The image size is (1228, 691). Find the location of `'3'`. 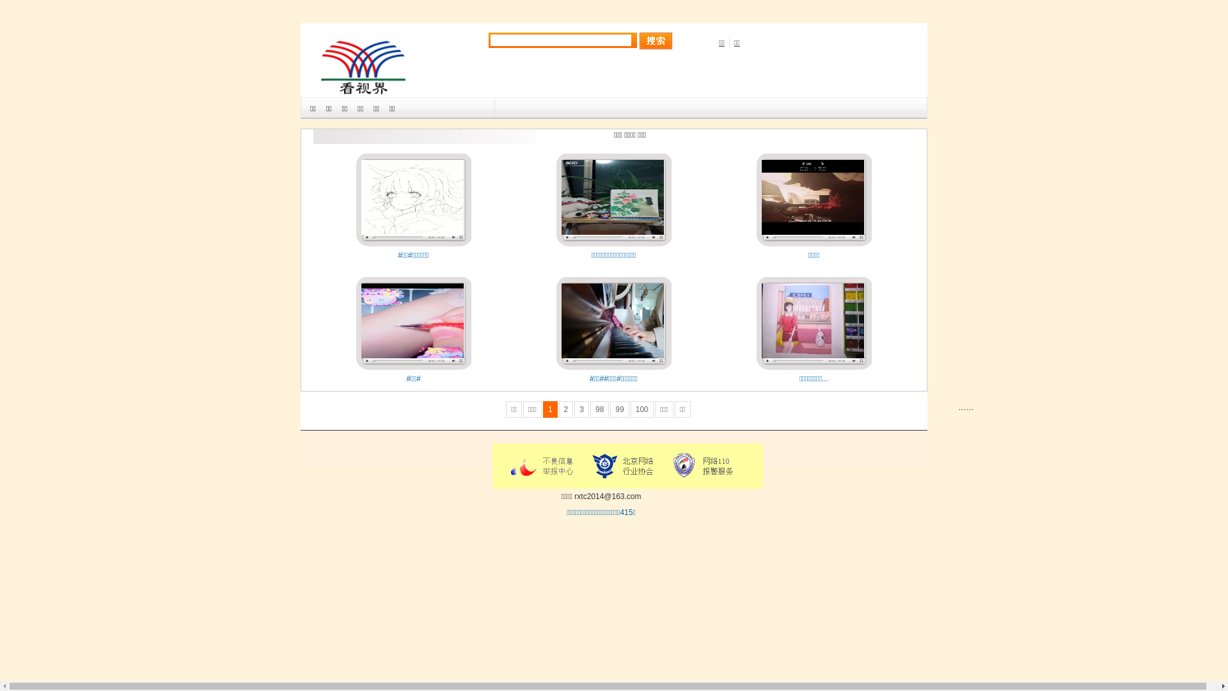

'3' is located at coordinates (581, 409).